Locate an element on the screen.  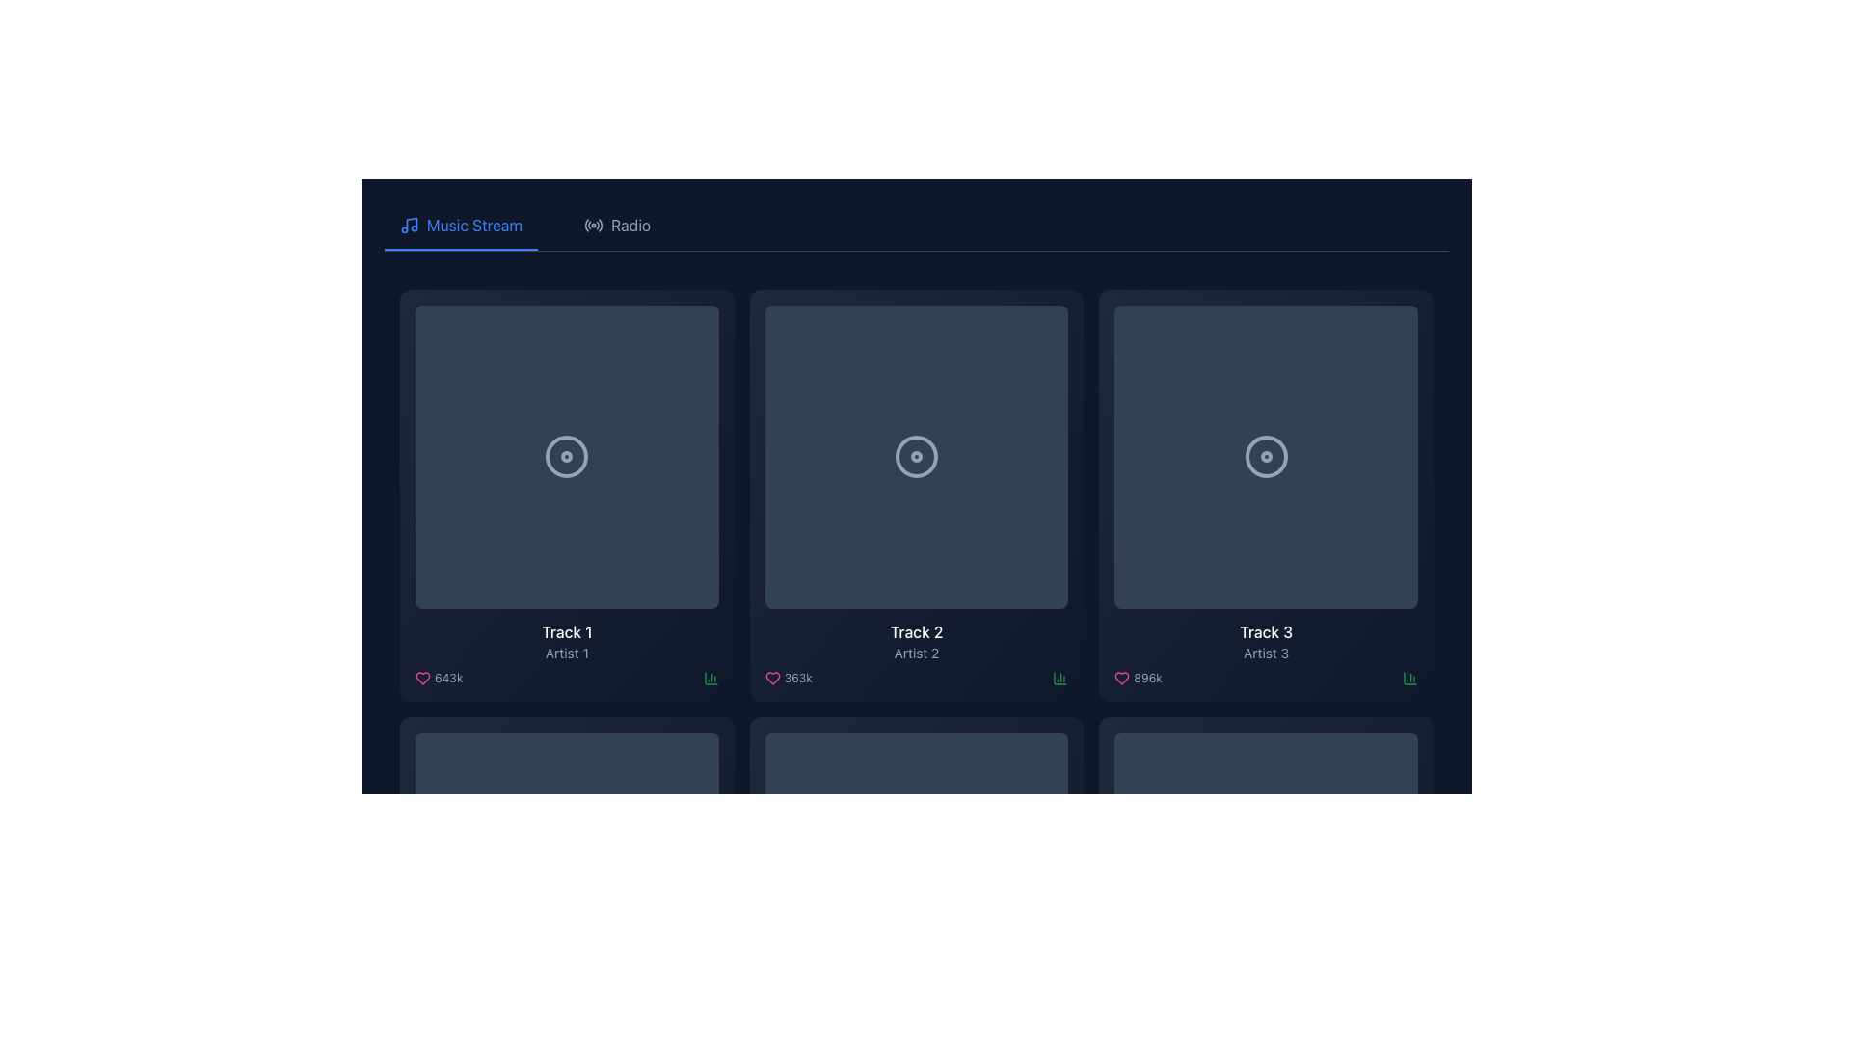
the analytics icon, which is the third icon in the flex group under the card labeled 'Track 3' and 'Artist 3' in the bottom row of the current interface is located at coordinates (1410, 677).